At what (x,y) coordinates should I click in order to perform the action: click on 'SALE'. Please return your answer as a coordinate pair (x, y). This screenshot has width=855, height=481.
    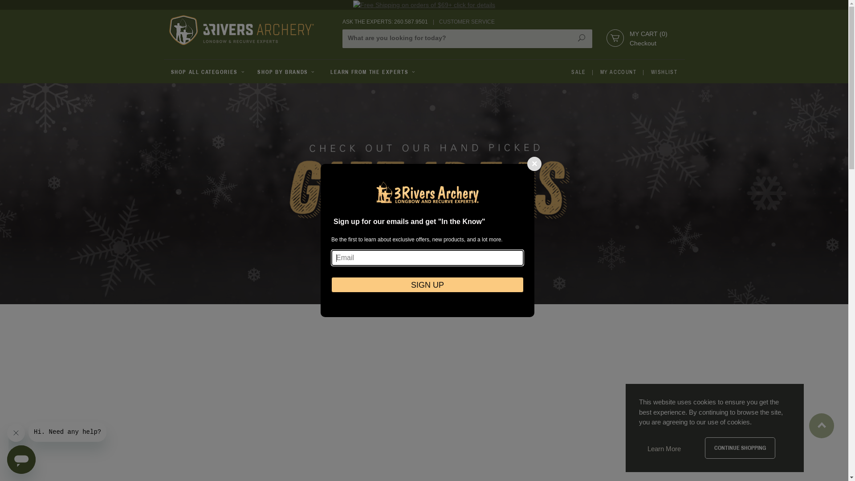
    Looking at the image, I should click on (578, 72).